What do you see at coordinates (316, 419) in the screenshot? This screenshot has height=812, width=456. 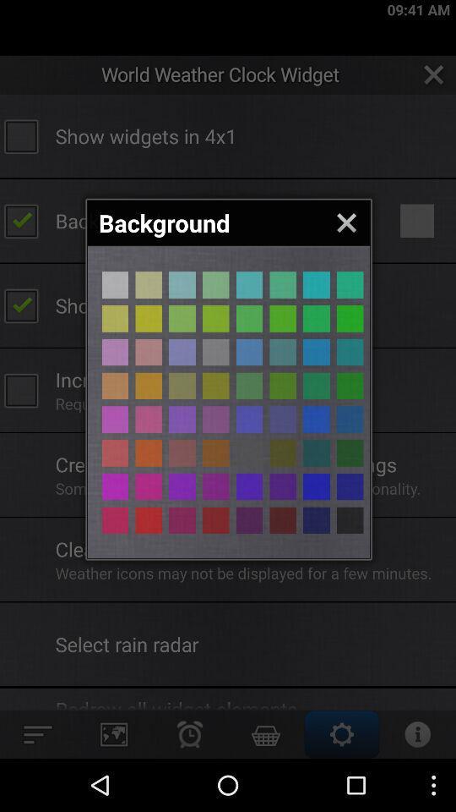 I see `colour` at bounding box center [316, 419].